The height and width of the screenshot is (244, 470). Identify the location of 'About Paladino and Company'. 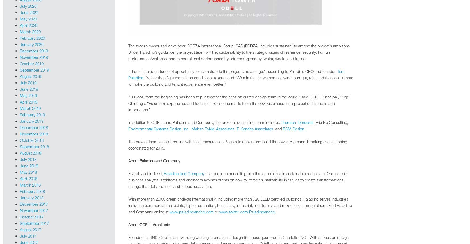
(154, 160).